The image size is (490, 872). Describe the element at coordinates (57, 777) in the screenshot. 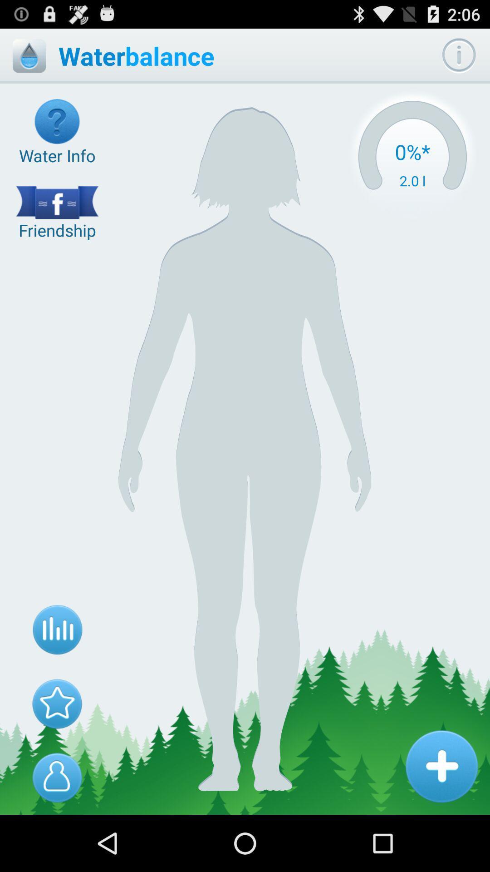

I see `profile` at that location.